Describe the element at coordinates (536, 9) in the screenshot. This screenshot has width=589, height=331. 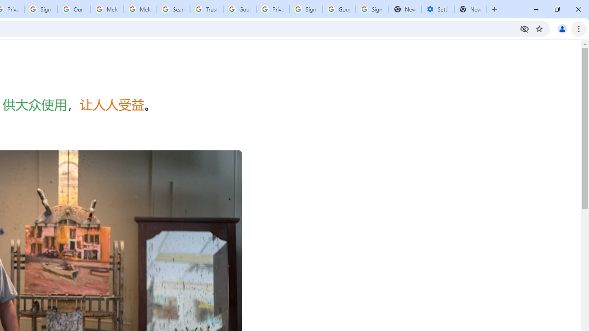
I see `'Minimize'` at that location.